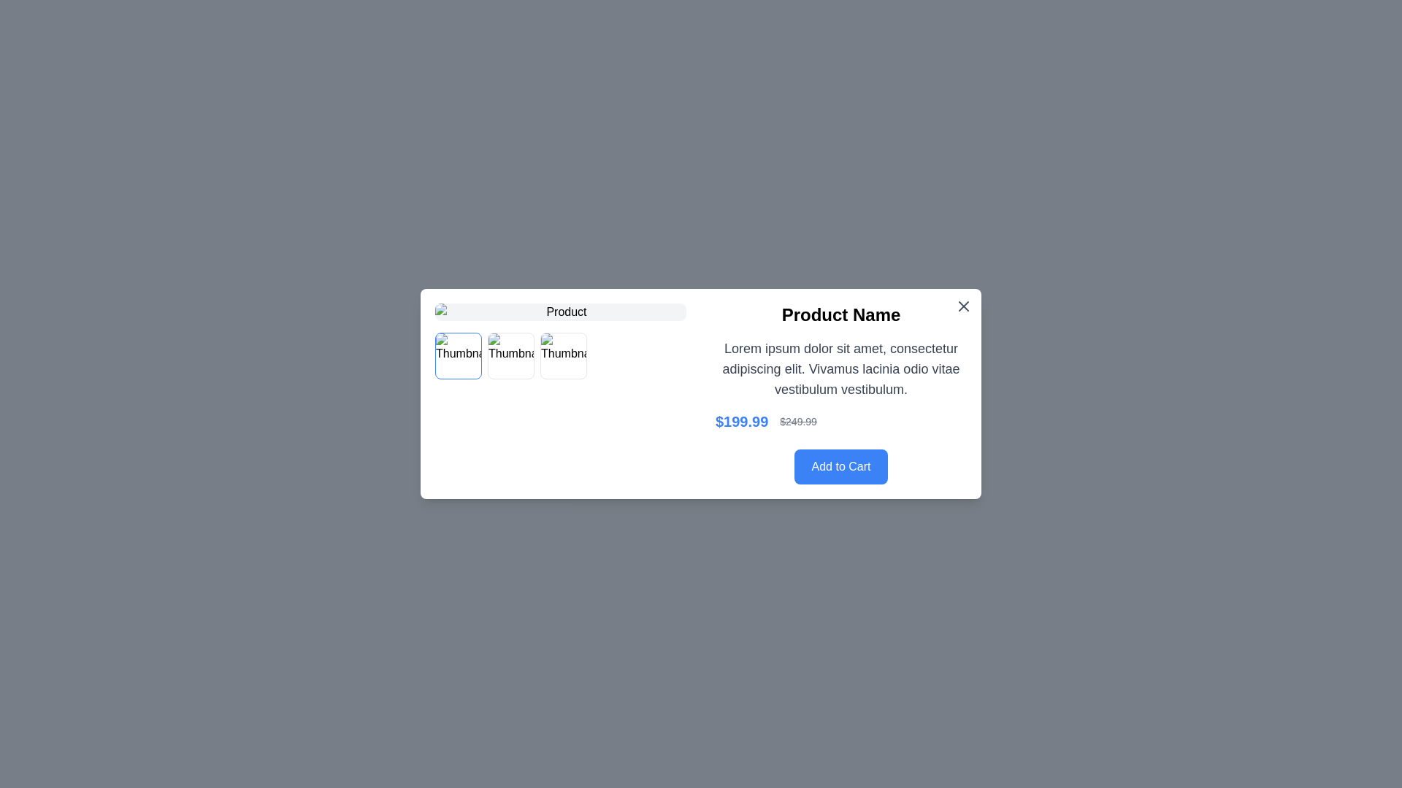  I want to click on the first thumbnail image in the grid, so click(458, 356).